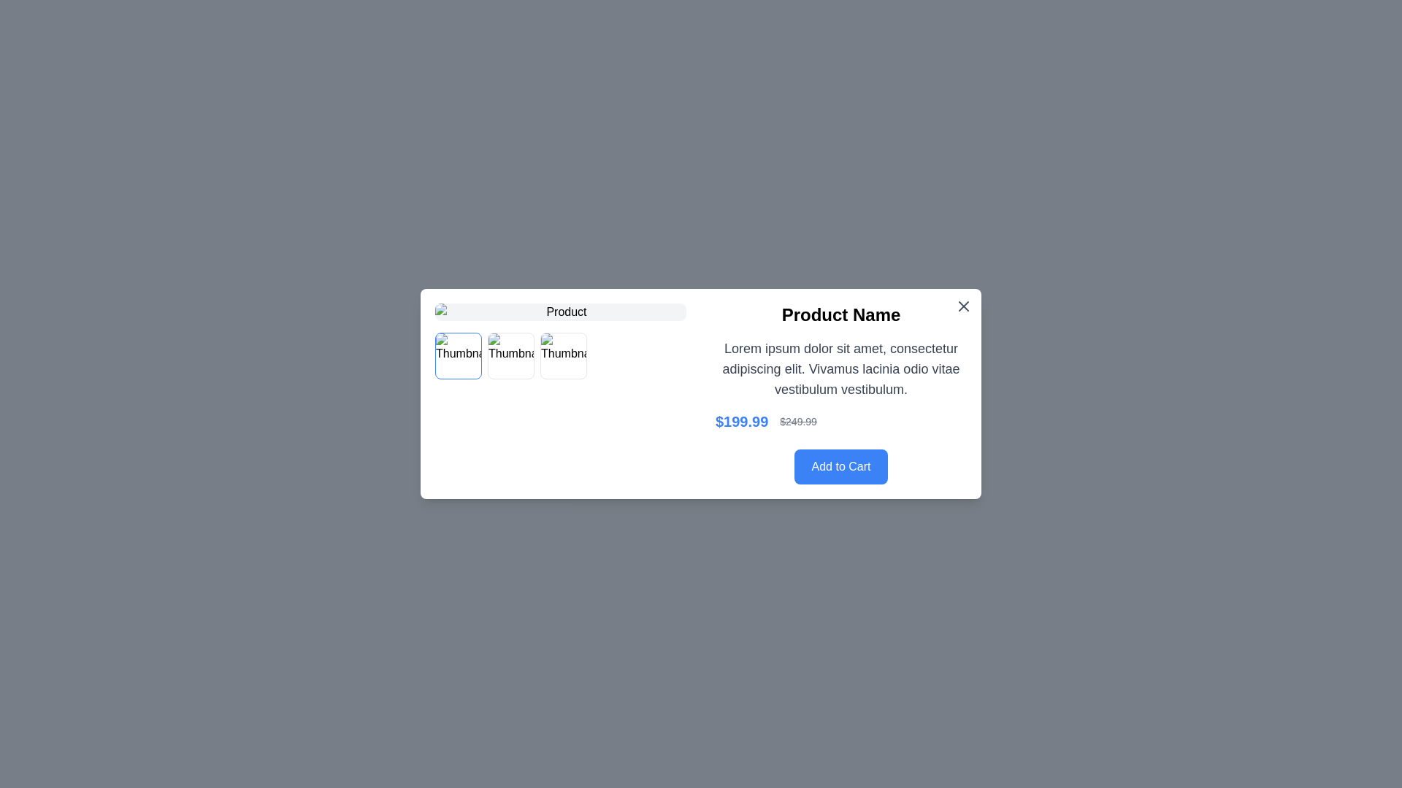  I want to click on the first thumbnail image in the grid, so click(458, 356).